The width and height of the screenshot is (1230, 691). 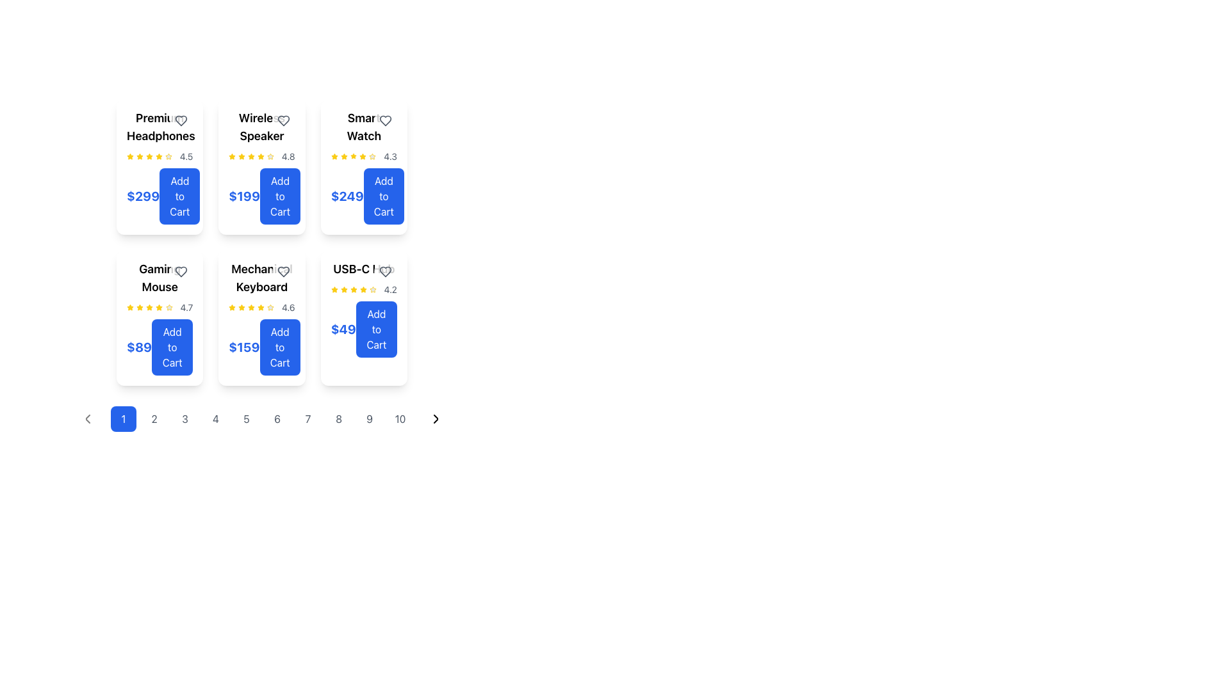 I want to click on the 'Next Page' button in the pagination control located to the right of the page number '10', so click(x=436, y=419).